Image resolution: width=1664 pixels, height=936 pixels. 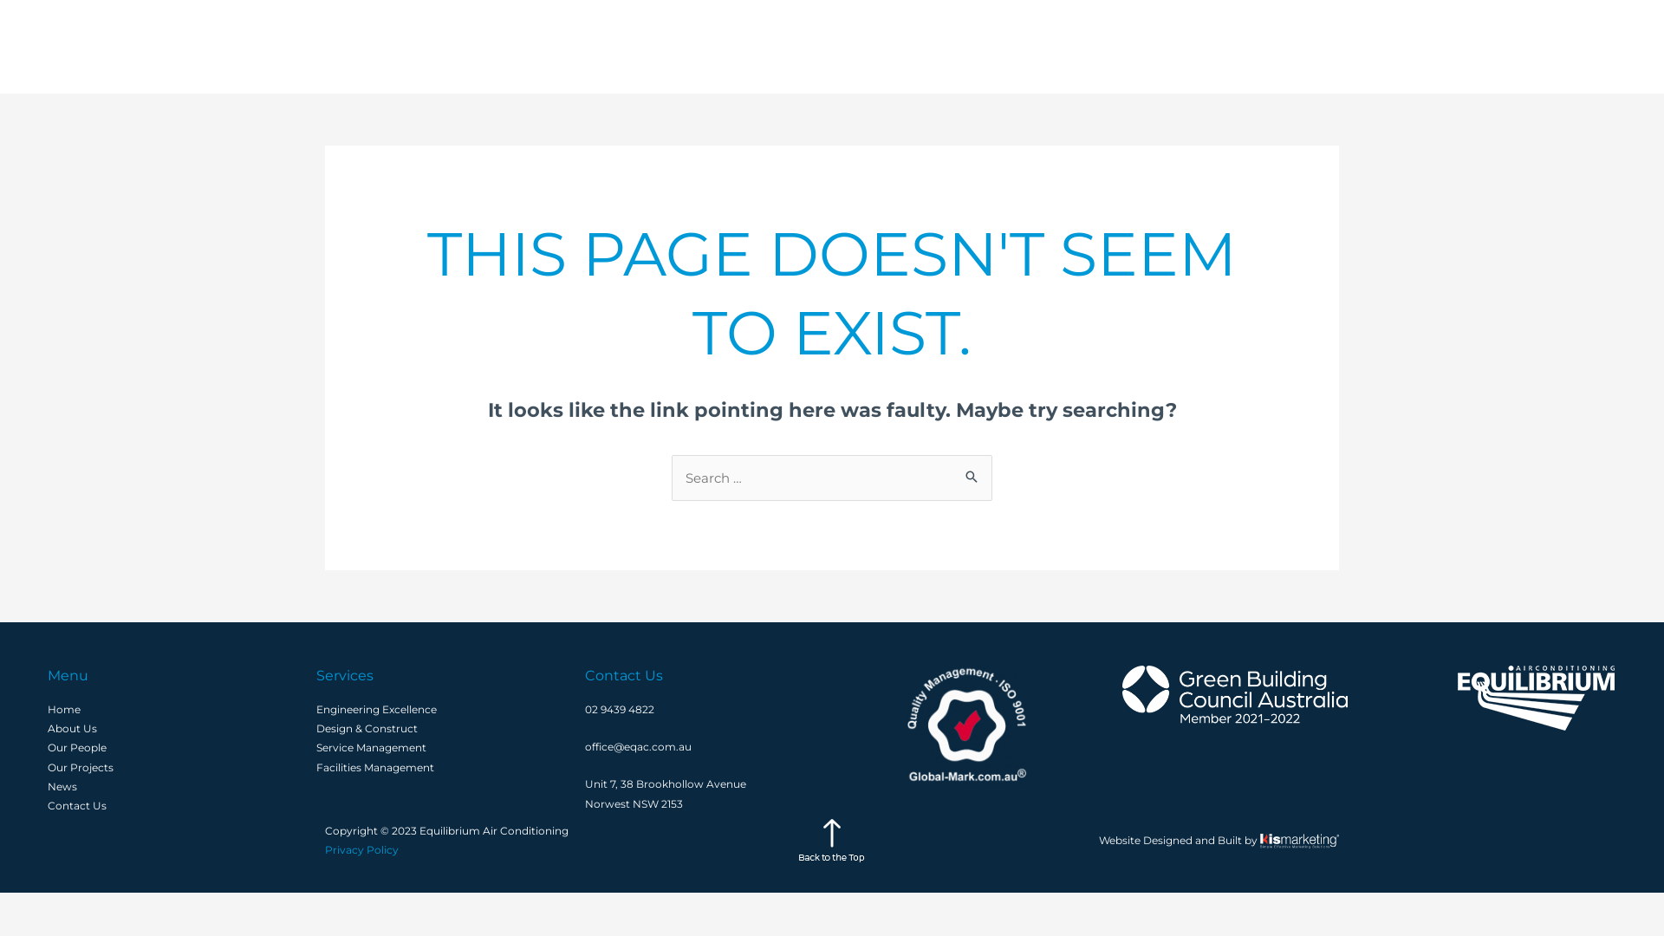 What do you see at coordinates (620, 709) in the screenshot?
I see `'02 9439 4822'` at bounding box center [620, 709].